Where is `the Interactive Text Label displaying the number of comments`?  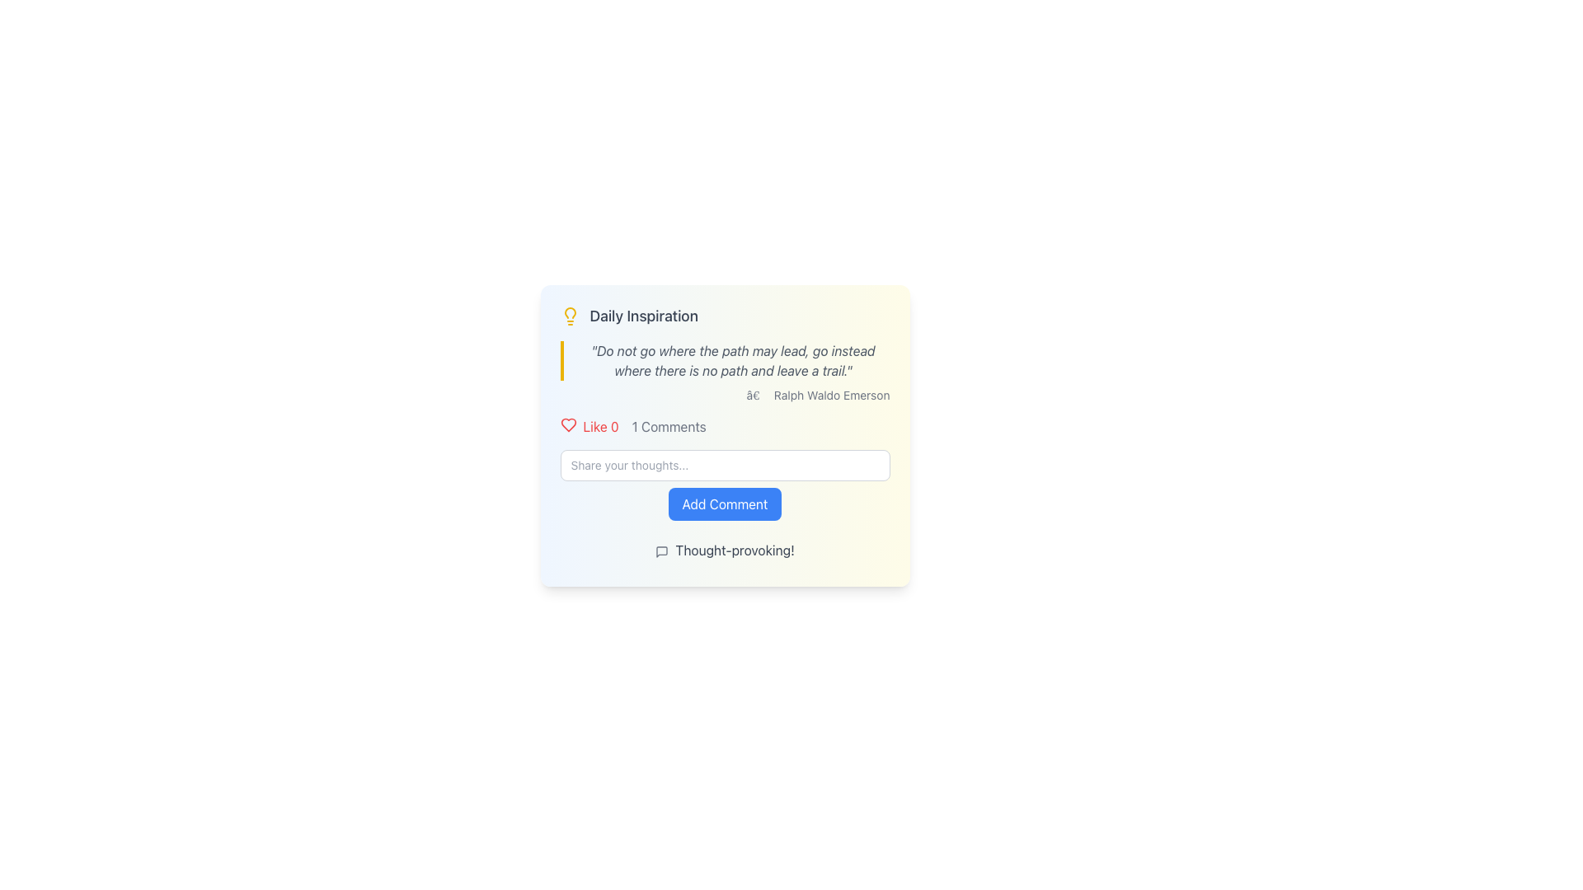
the Interactive Text Label displaying the number of comments is located at coordinates (669, 425).